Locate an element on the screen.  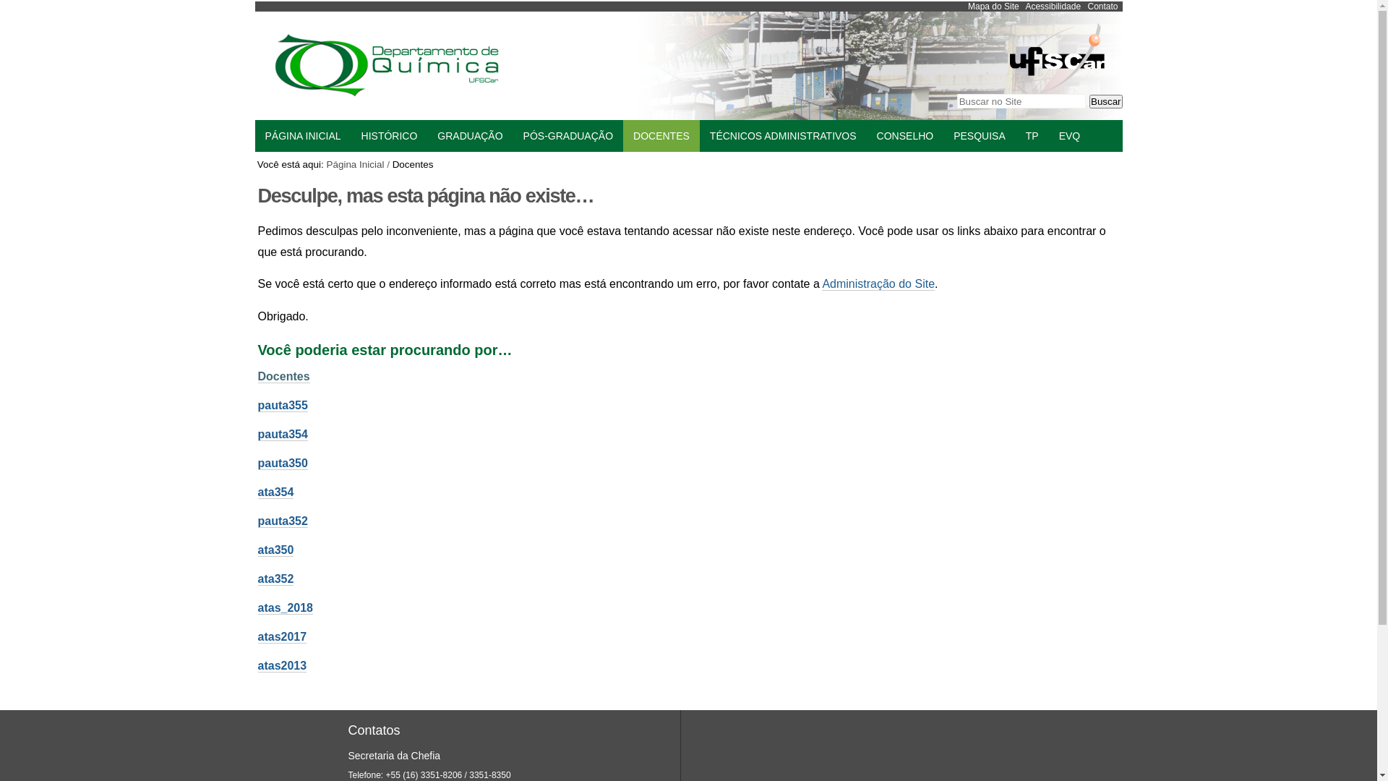
'Buscar' is located at coordinates (1105, 101).